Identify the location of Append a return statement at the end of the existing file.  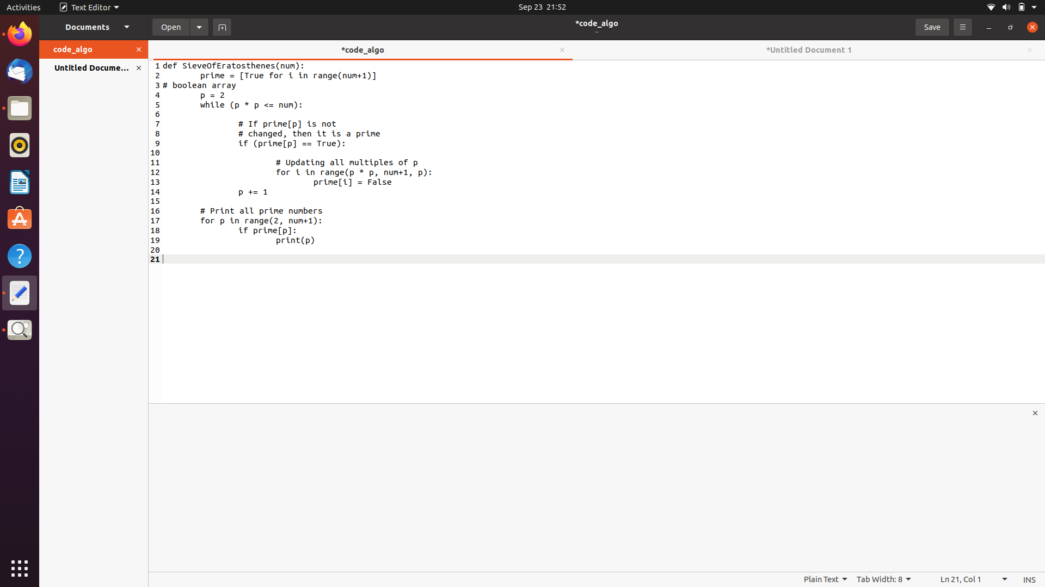
(603, 328).